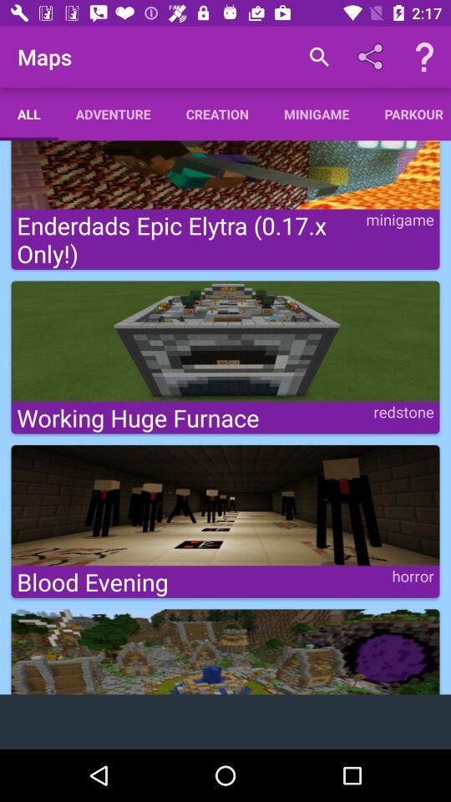  Describe the element at coordinates (113, 113) in the screenshot. I see `item below the maps icon` at that location.